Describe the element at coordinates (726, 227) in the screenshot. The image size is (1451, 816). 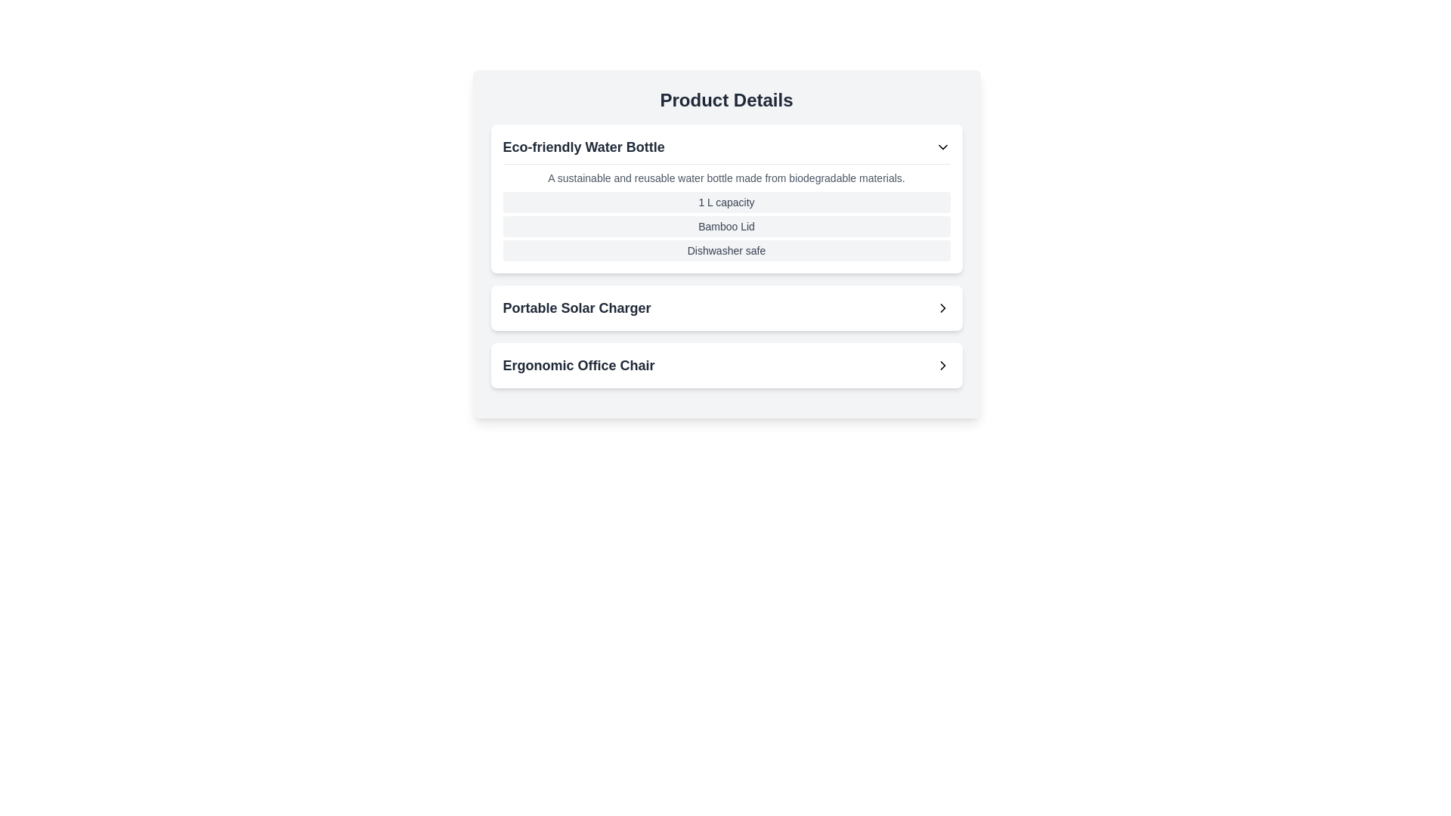
I see `descriptive text element that lists one of the features of the 'Eco-friendly Water Bottle' located in the 'Product Details' section, specifically the second item in the vertical list under the heading` at that location.